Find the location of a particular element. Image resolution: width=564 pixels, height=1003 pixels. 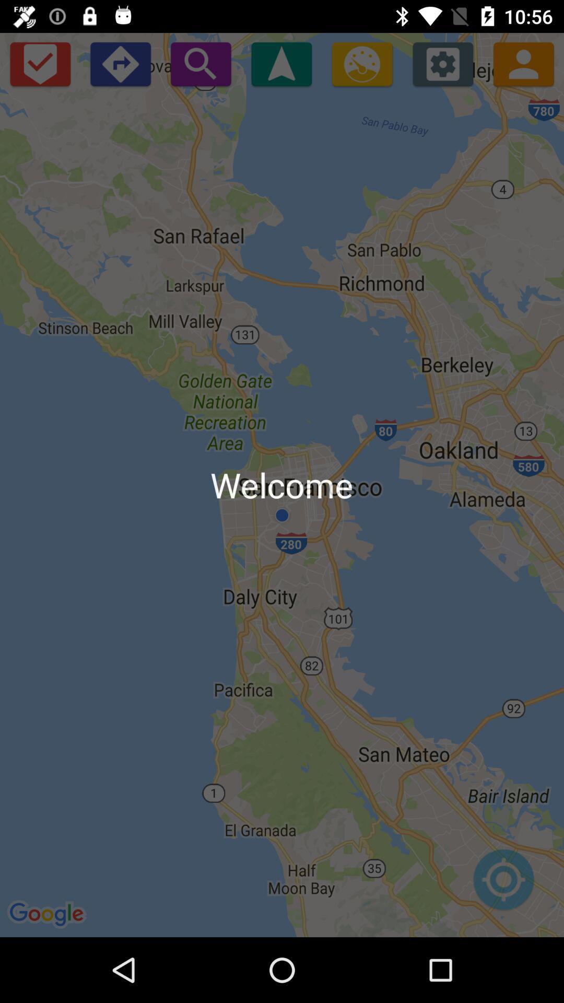

navigate is located at coordinates (281, 63).